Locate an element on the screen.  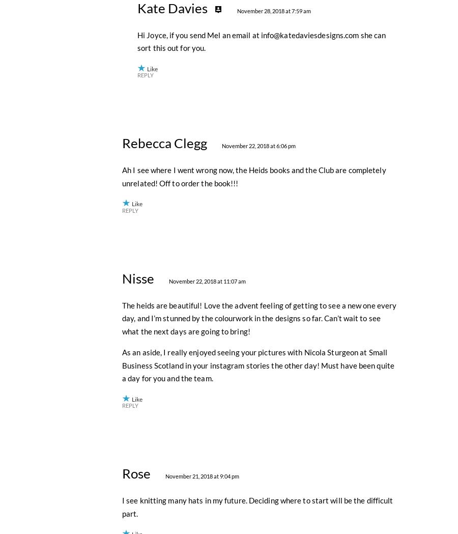
'I want to order the Heids book for my daughter as a Christmas present.  She has a Ravelry name, but I don’t want her to know about the gift yet.  What should I put on the order form?  My Ravelry name or hers?  The postal address will be mine.' is located at coordinates (257, 59).